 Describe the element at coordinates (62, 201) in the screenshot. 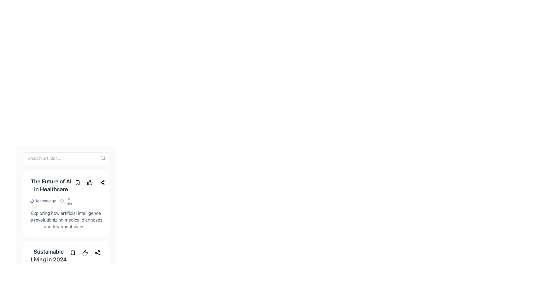

I see `the clock icon located within the 'The Future of AI in Healthcare' card layout, which indicates a reading time of '5 min'` at that location.